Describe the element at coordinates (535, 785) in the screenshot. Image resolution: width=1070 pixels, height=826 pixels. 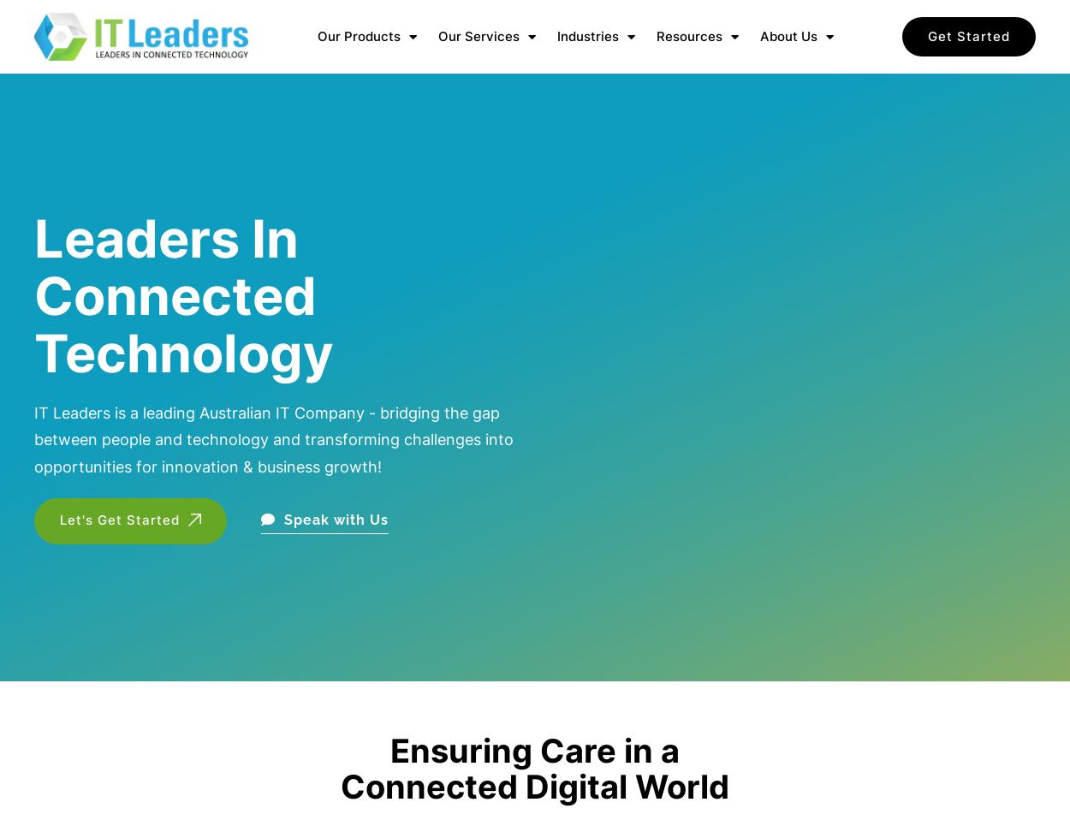
I see `'Connected Digital World'` at that location.